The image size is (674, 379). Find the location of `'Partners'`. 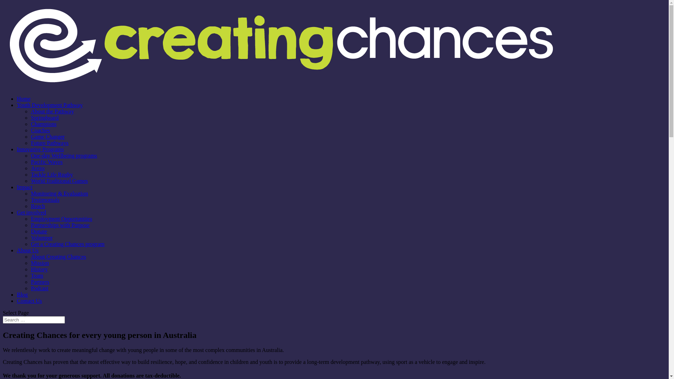

'Partners' is located at coordinates (40, 281).